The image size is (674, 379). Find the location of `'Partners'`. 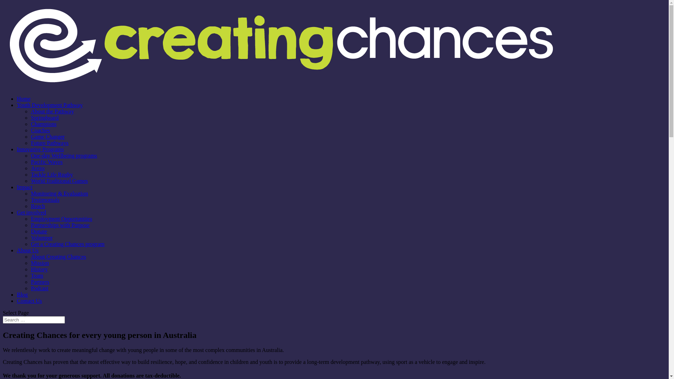

'Partners' is located at coordinates (40, 281).